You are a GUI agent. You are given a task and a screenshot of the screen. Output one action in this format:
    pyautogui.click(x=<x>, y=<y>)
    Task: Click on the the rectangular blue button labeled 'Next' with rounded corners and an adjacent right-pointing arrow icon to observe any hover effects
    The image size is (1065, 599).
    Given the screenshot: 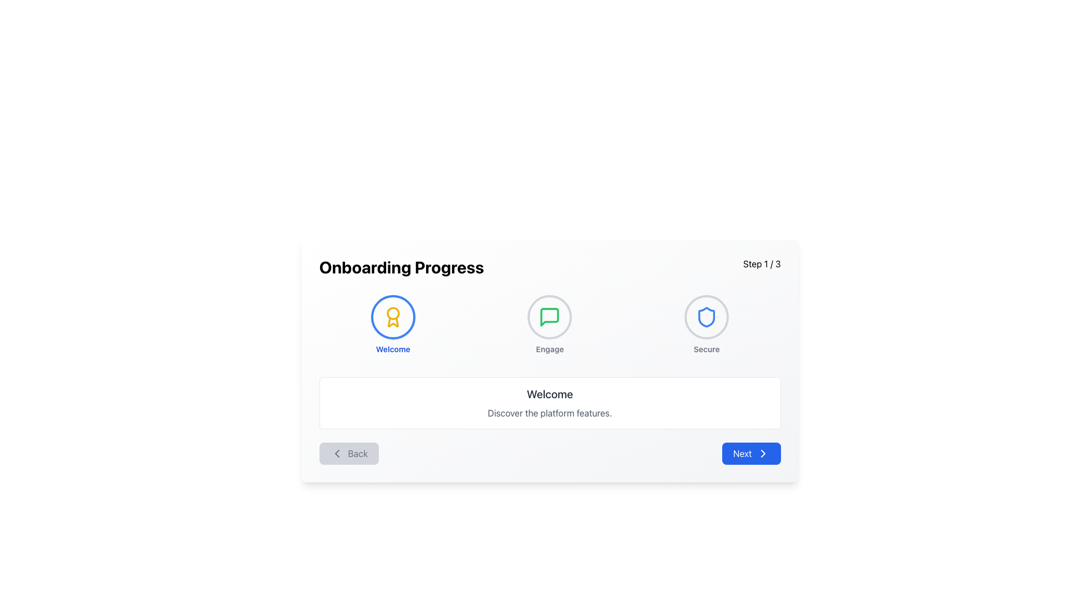 What is the action you would take?
    pyautogui.click(x=751, y=453)
    